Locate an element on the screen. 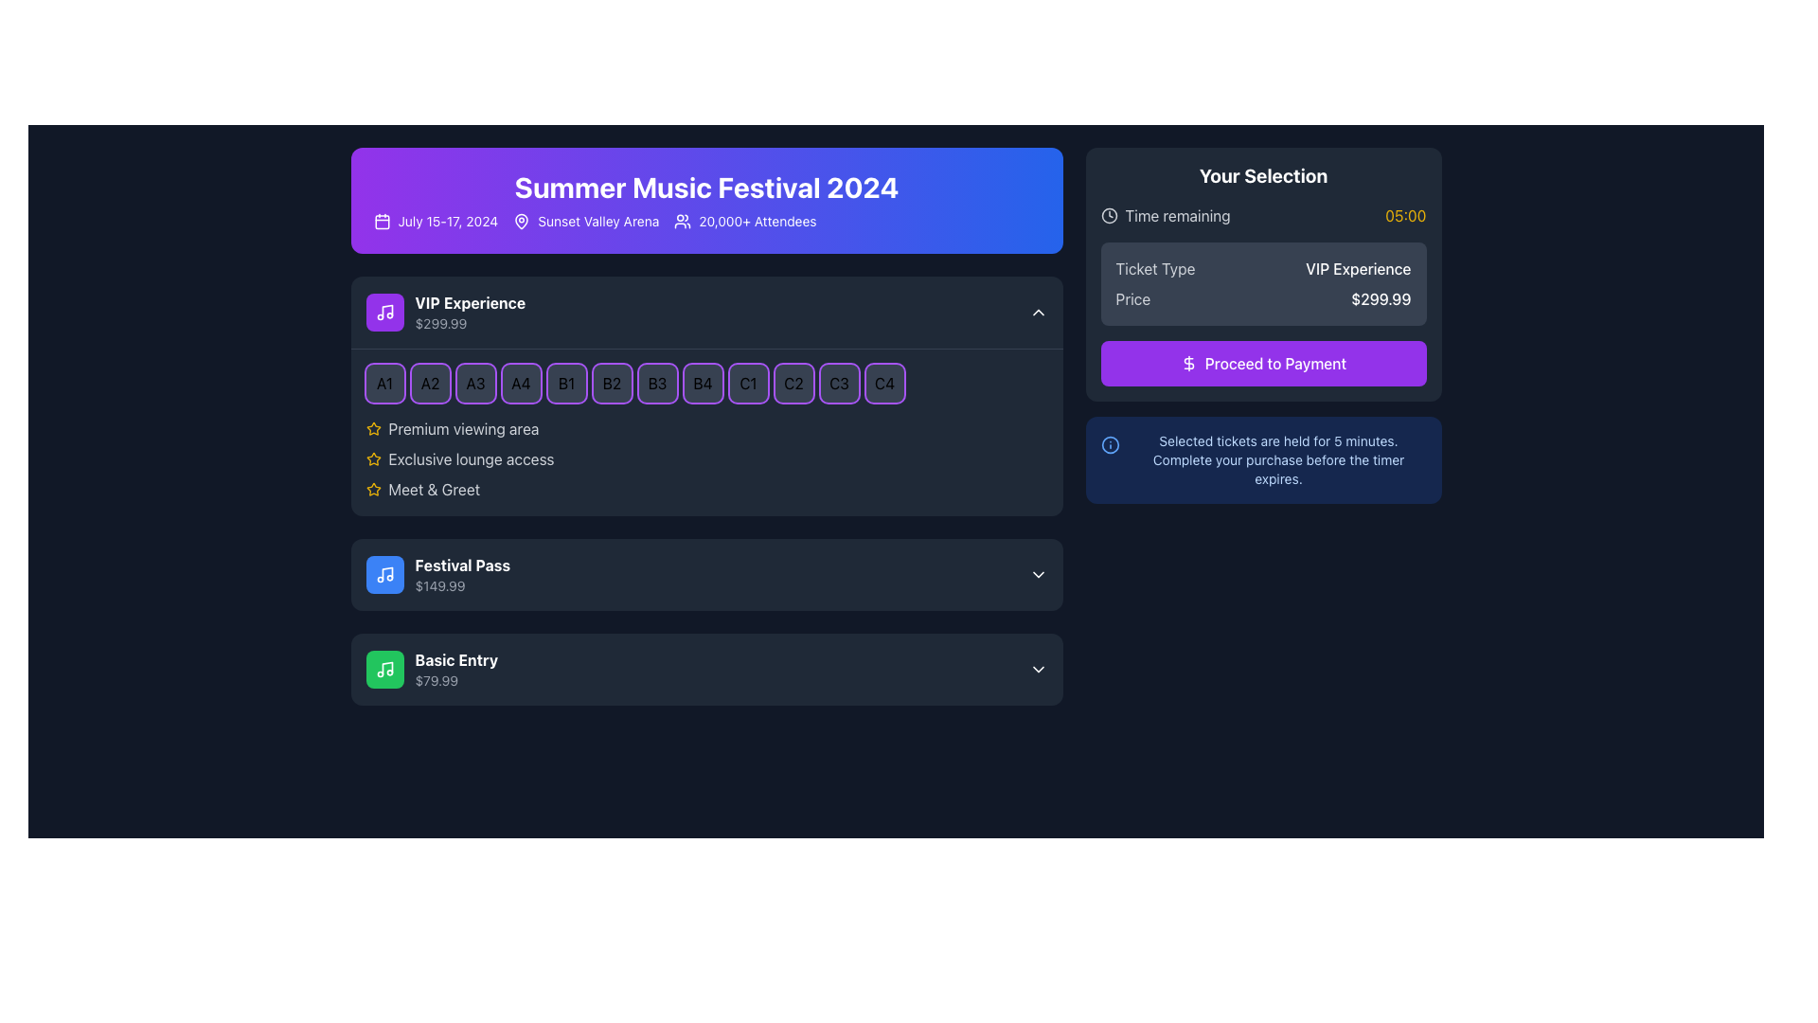 The height and width of the screenshot is (1023, 1818). 'Time remaining' countdown timer displaying '05:00' in yellow color, located in the 'Your Selection' section above the 'Ticket Type' and 'Price' information is located at coordinates (1263, 214).